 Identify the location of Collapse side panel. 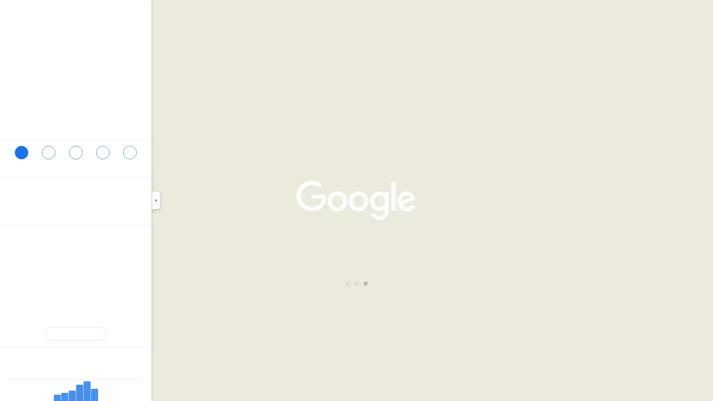
(155, 200).